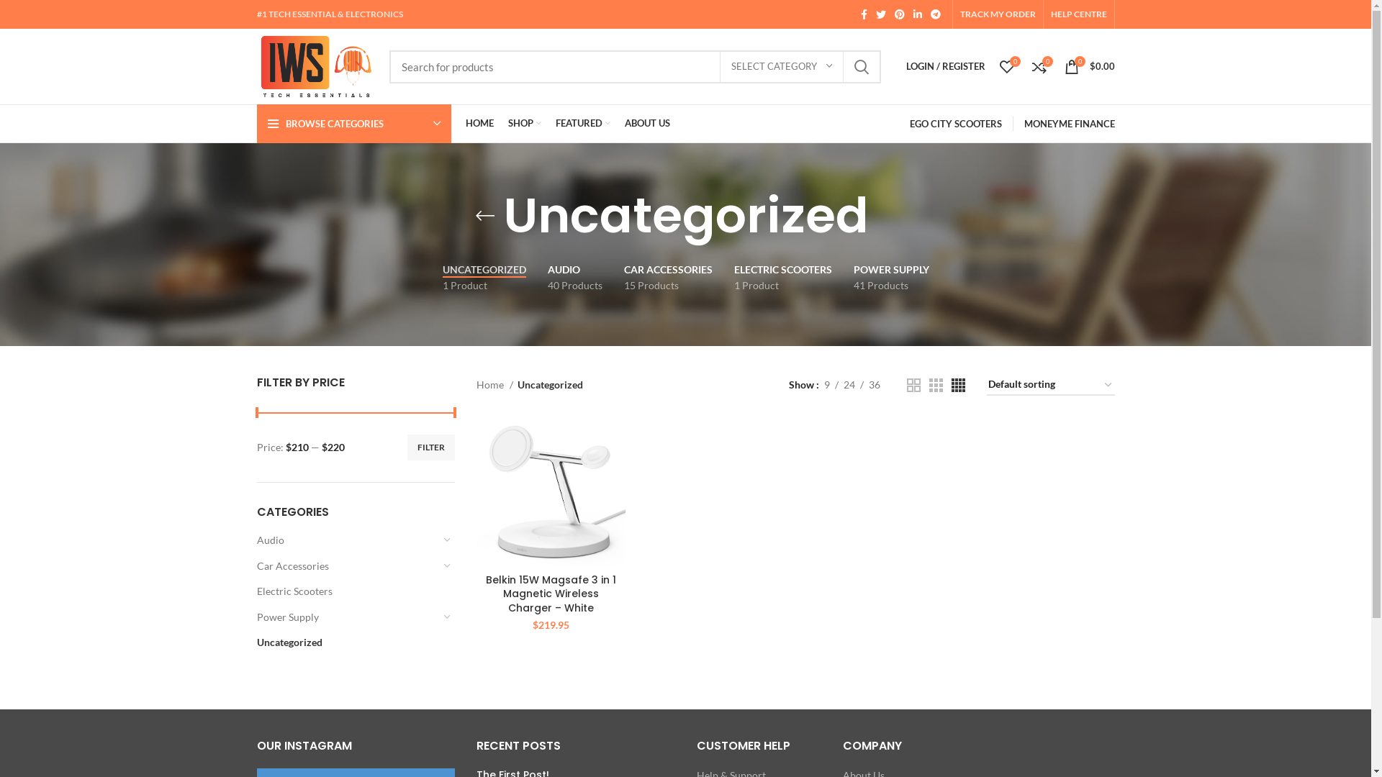  What do you see at coordinates (826, 384) in the screenshot?
I see `'9'` at bounding box center [826, 384].